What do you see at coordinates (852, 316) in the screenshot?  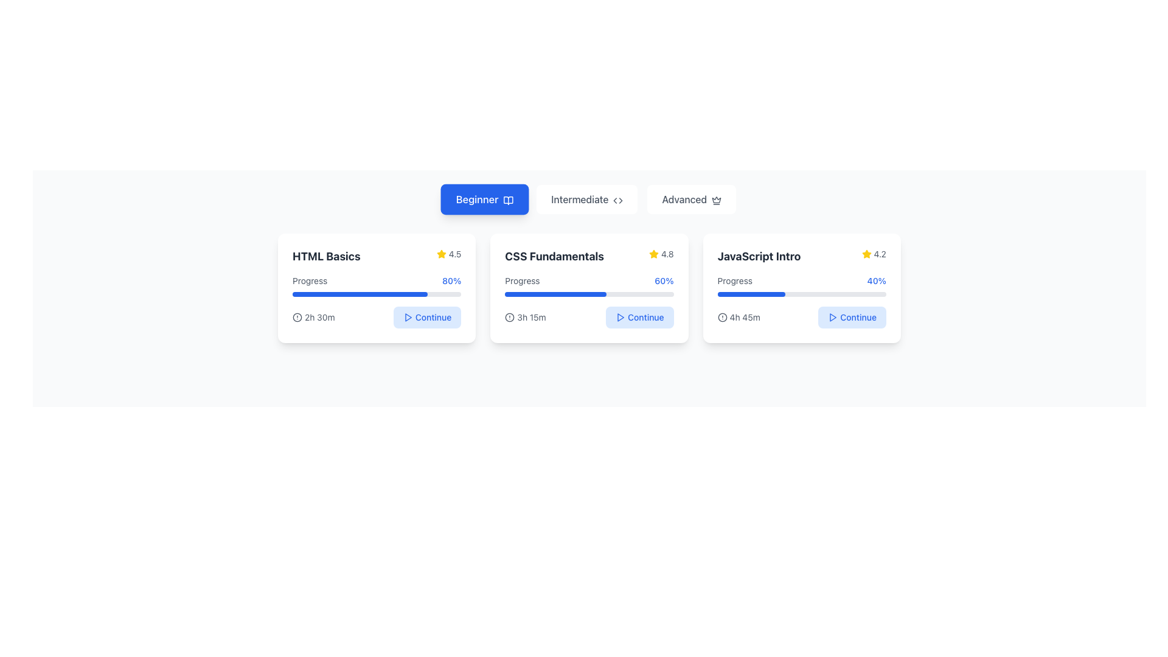 I see `the button located at the bottom-right of the 'JavaScript Intro' course card to trigger visual effects` at bounding box center [852, 316].